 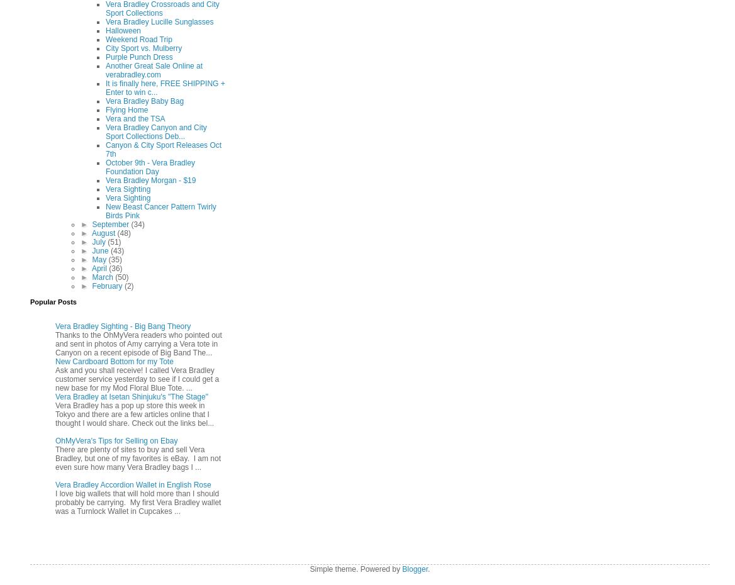 I want to click on 'It is finally here, FREE SHIPPING + Enter to win c...', so click(x=164, y=87).